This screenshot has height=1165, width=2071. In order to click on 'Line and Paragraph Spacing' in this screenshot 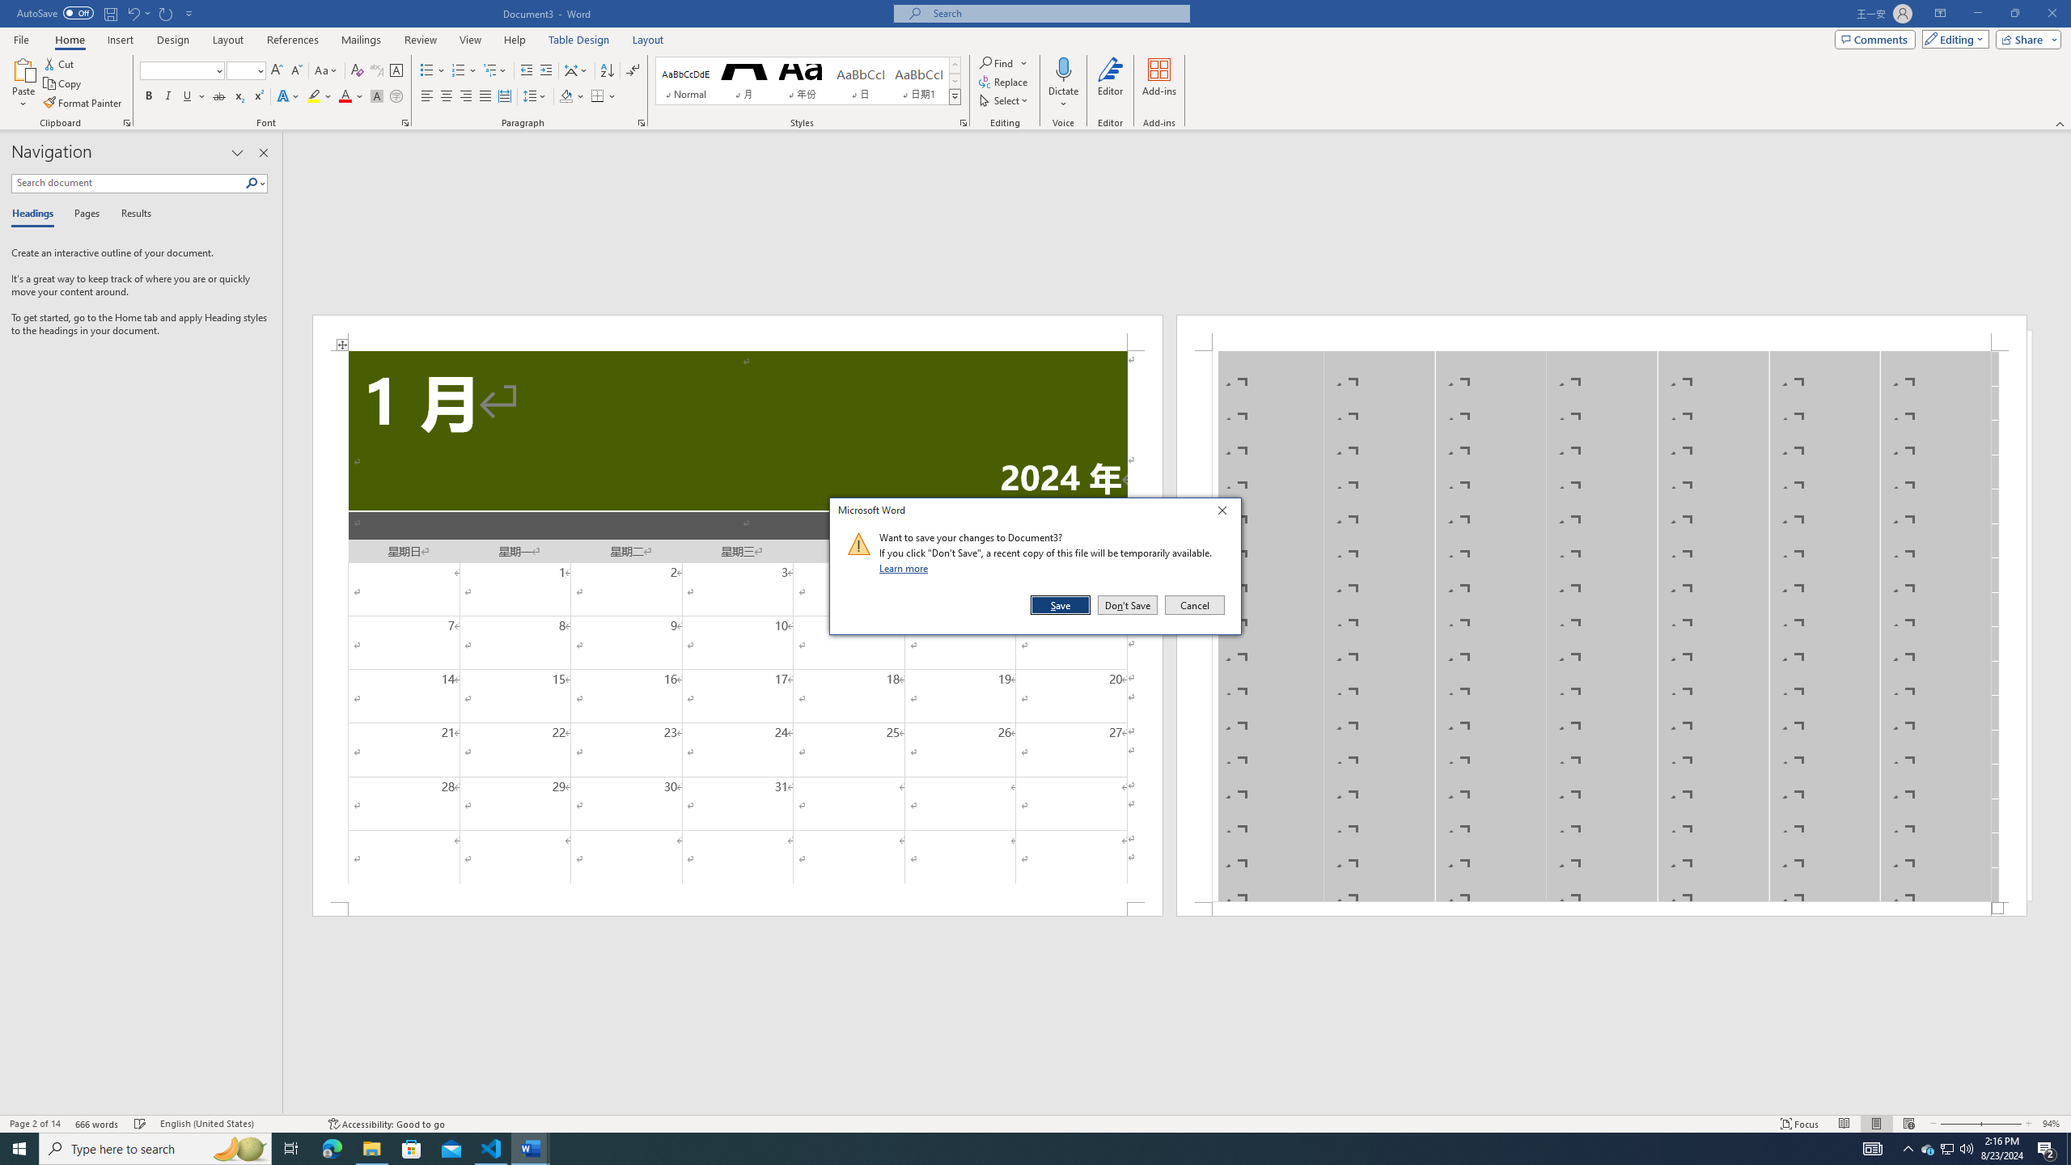, I will do `click(536, 95)`.